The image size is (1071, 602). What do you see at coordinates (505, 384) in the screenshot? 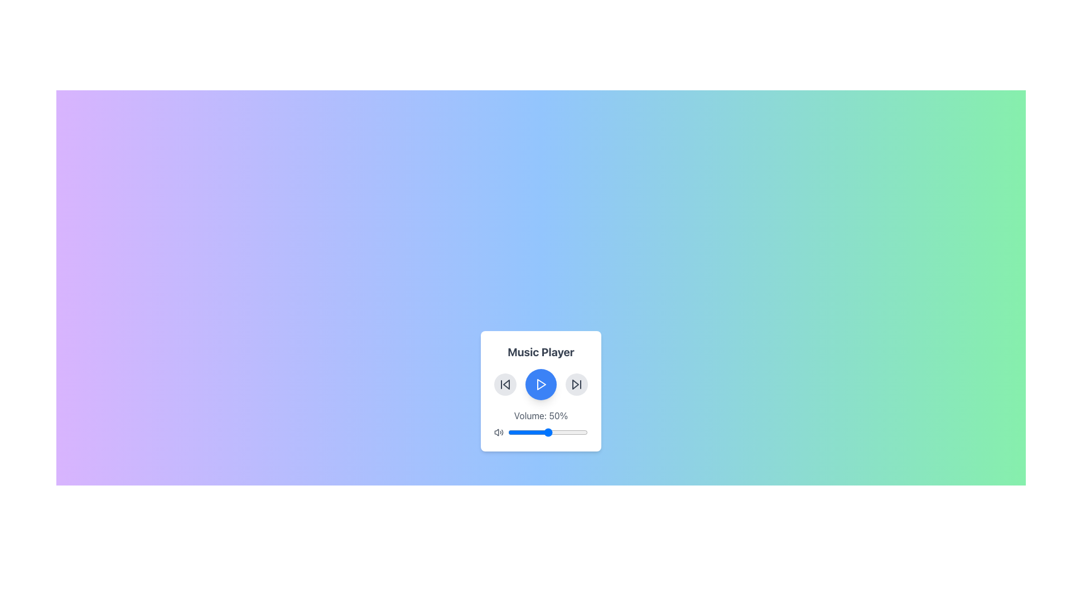
I see `the left-pointing double triangle icon button, styled as a circular button with a light gray background, to skip to the previous track in the music player interface` at bounding box center [505, 384].